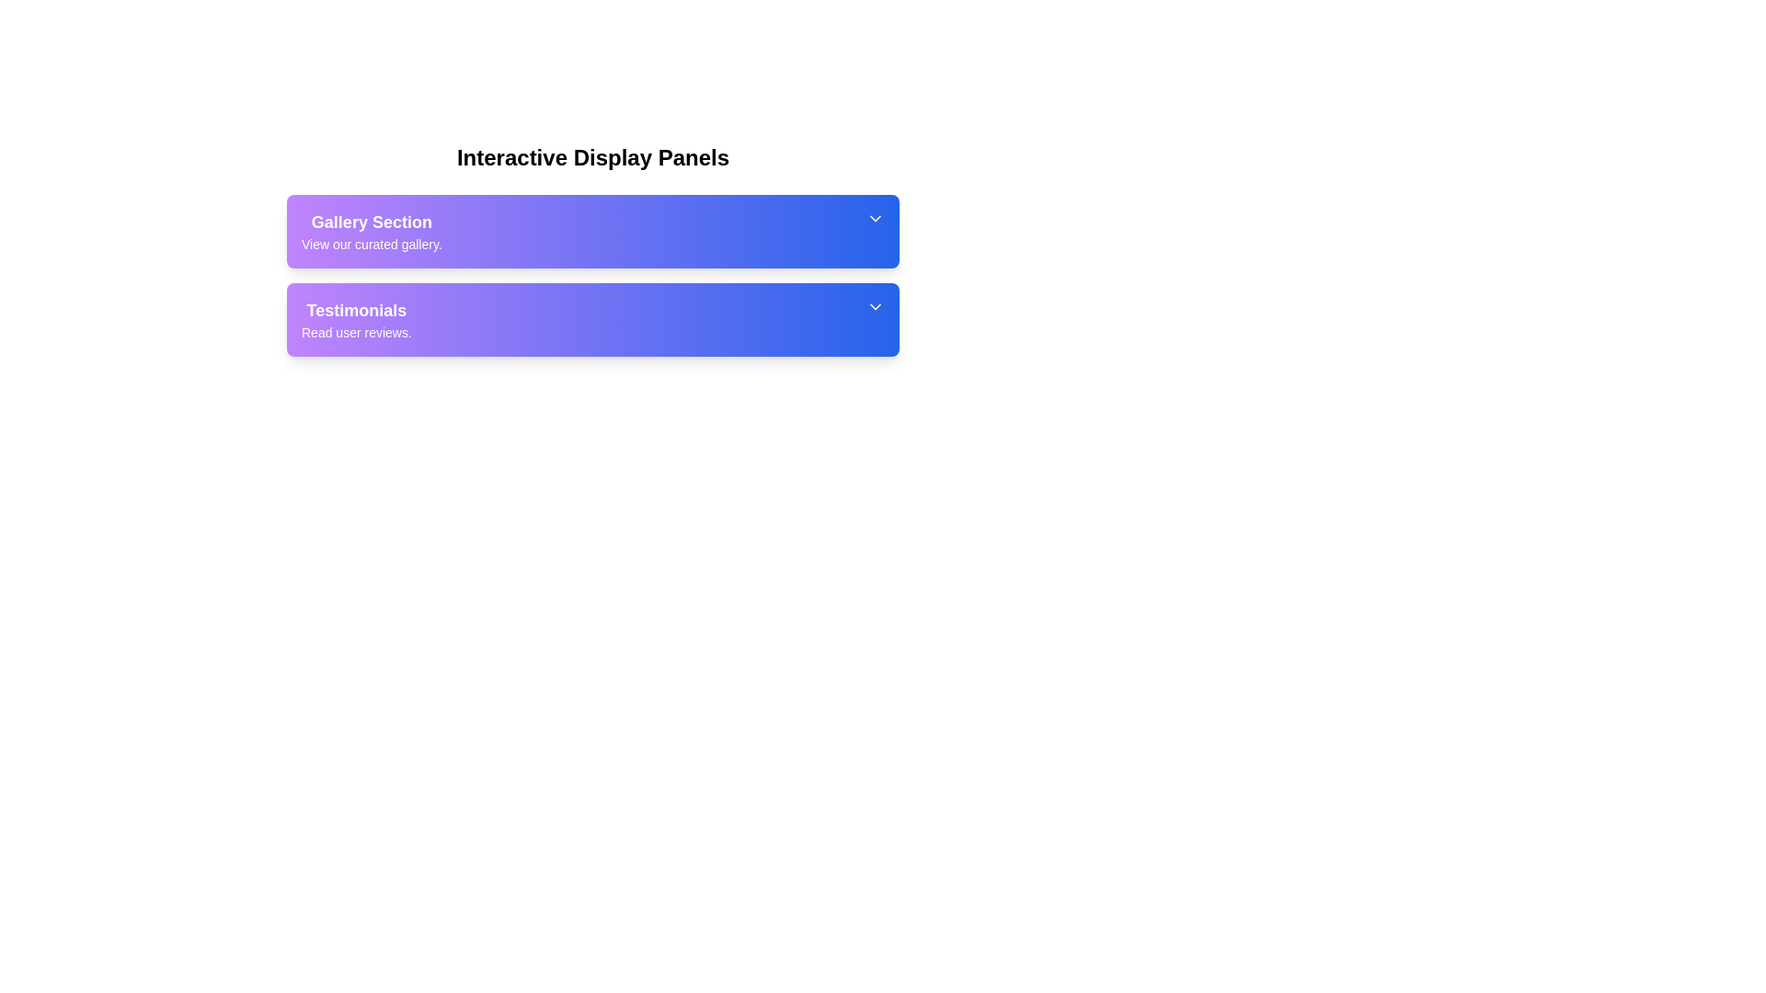 The image size is (1766, 993). What do you see at coordinates (874, 306) in the screenshot?
I see `the Chevron Down icon located on the right-hand side of the Testimonials panel` at bounding box center [874, 306].